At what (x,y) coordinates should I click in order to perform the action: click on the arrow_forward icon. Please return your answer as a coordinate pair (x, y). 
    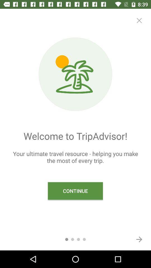
    Looking at the image, I should click on (139, 239).